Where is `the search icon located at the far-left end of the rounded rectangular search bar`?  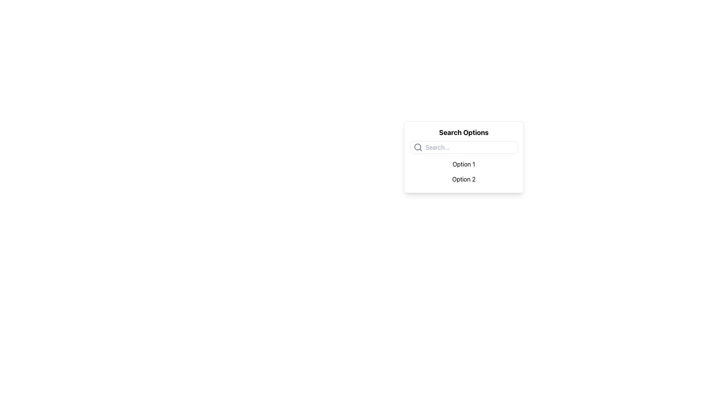 the search icon located at the far-left end of the rounded rectangular search bar is located at coordinates (417, 147).